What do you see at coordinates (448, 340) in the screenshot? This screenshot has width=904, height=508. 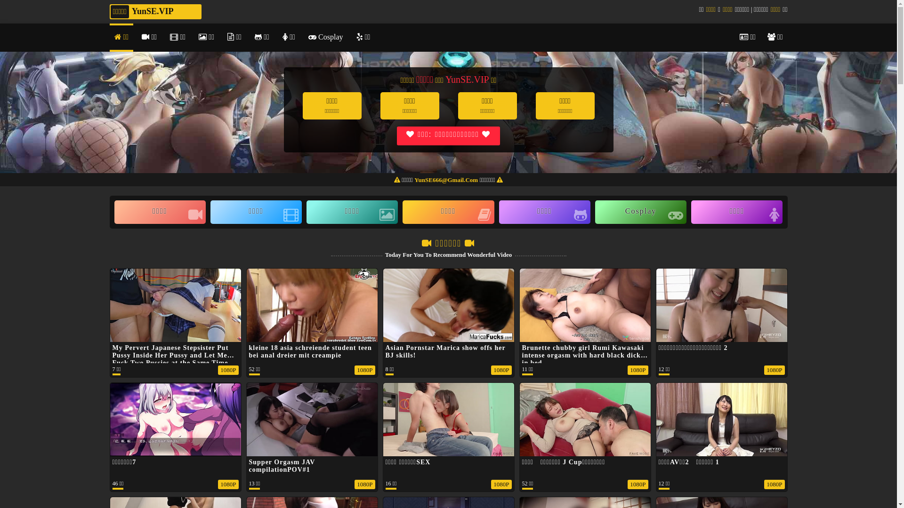 I see `'Asian Pornstar Marica show offs her BJ skills!'` at bounding box center [448, 340].